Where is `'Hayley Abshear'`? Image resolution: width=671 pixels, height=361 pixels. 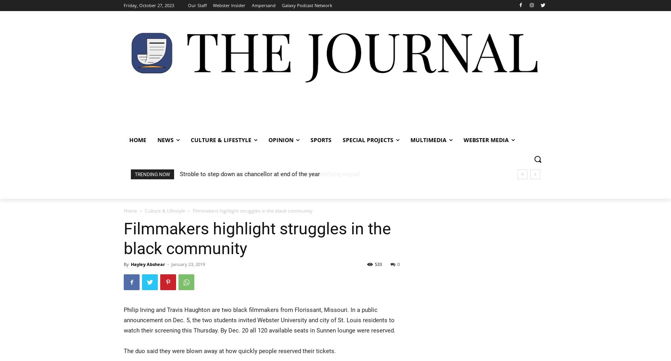
'Hayley Abshear' is located at coordinates (148, 264).